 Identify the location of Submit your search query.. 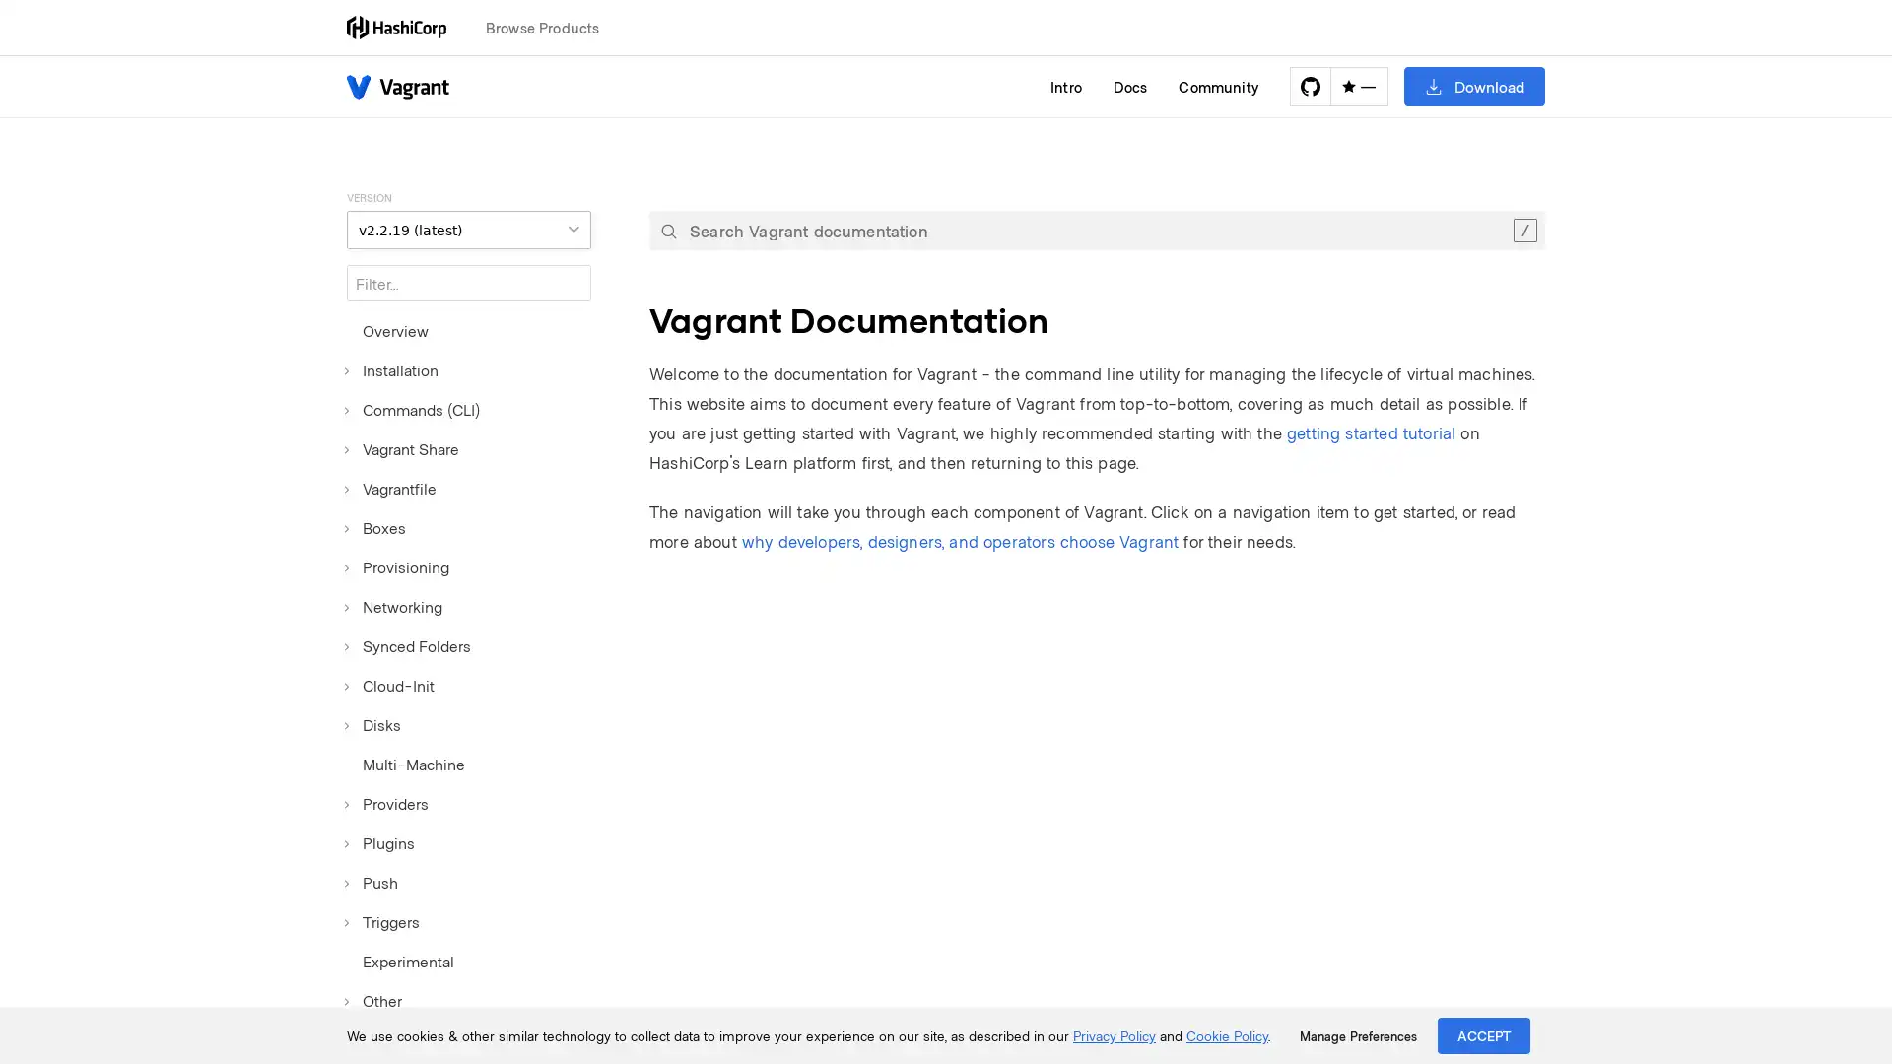
(668, 230).